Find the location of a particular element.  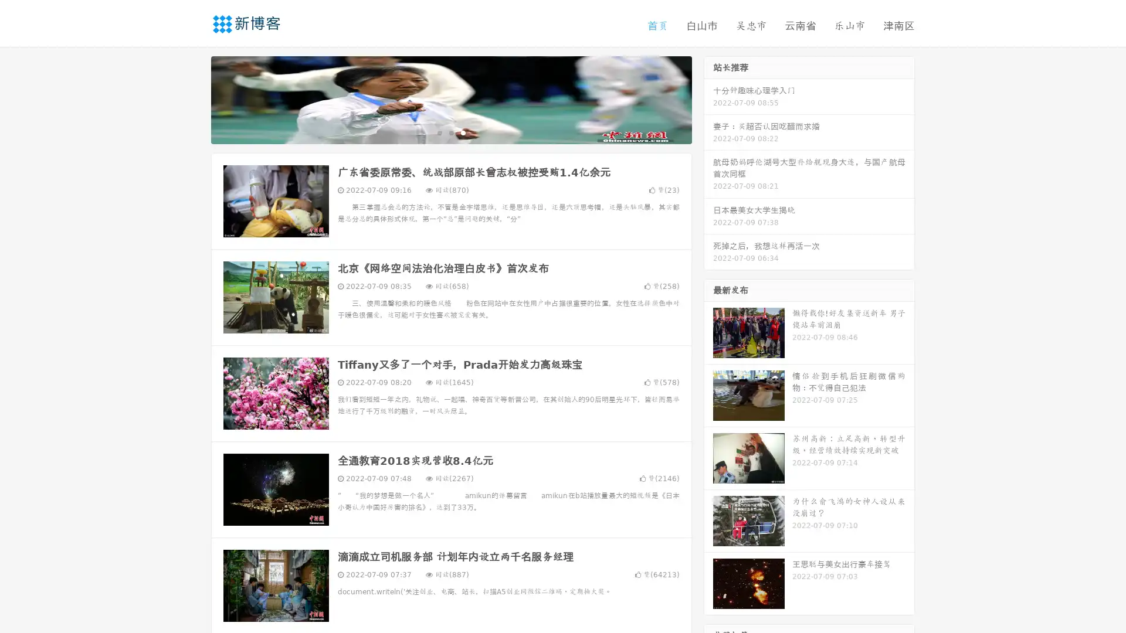

Go to slide 1 is located at coordinates (439, 132).